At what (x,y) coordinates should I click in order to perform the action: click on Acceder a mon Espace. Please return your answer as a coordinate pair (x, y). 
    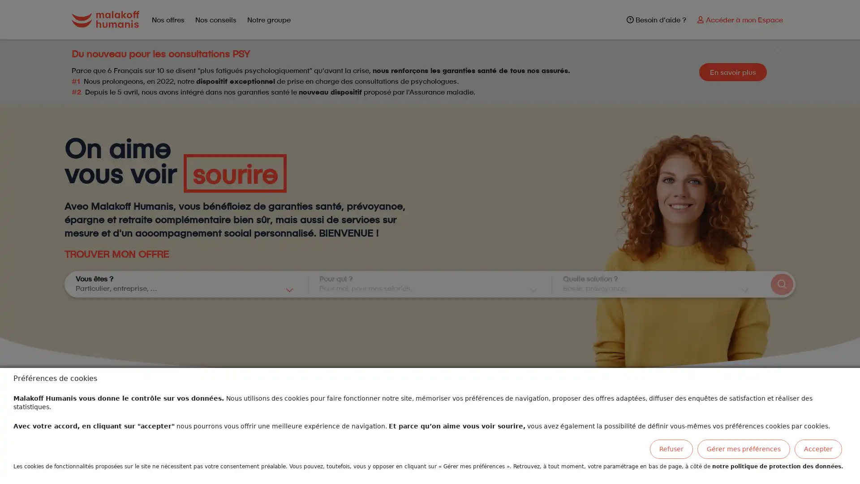
    Looking at the image, I should click on (740, 19).